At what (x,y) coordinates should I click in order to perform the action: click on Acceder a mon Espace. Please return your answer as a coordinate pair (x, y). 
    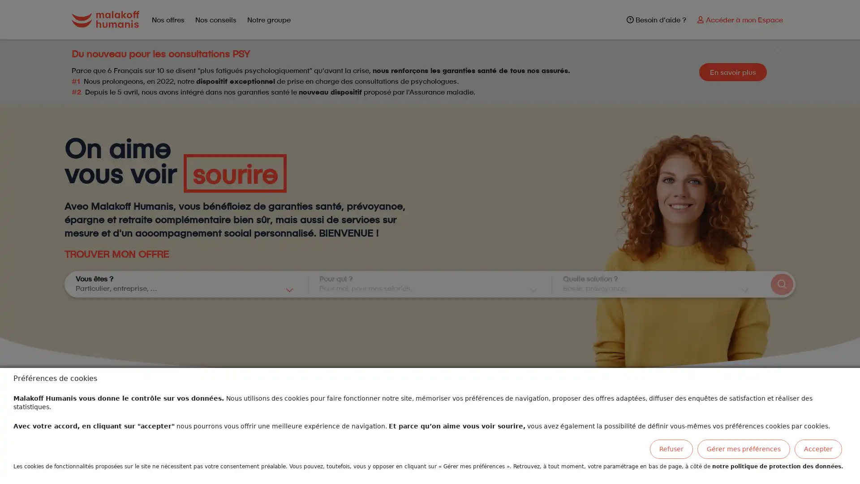
    Looking at the image, I should click on (740, 19).